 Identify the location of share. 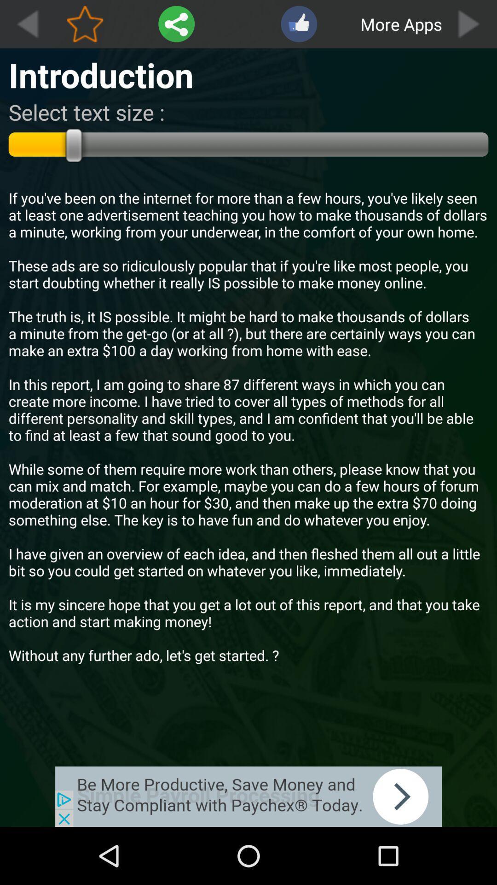
(176, 24).